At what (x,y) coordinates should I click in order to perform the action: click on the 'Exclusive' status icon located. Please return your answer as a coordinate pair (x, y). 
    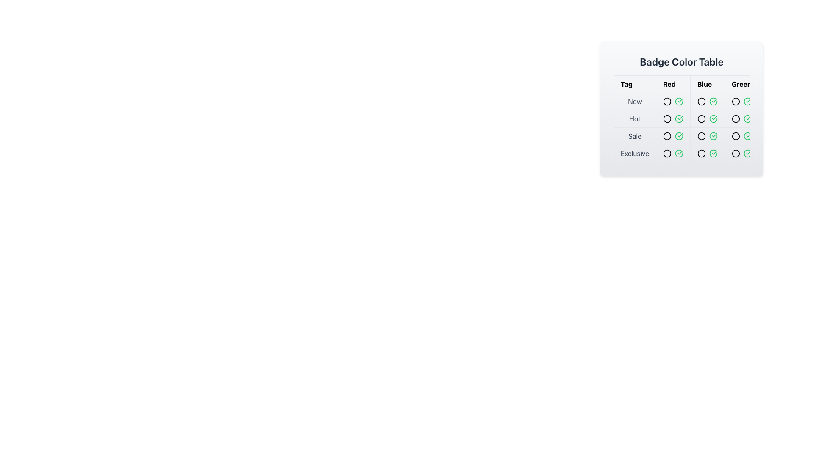
    Looking at the image, I should click on (735, 153).